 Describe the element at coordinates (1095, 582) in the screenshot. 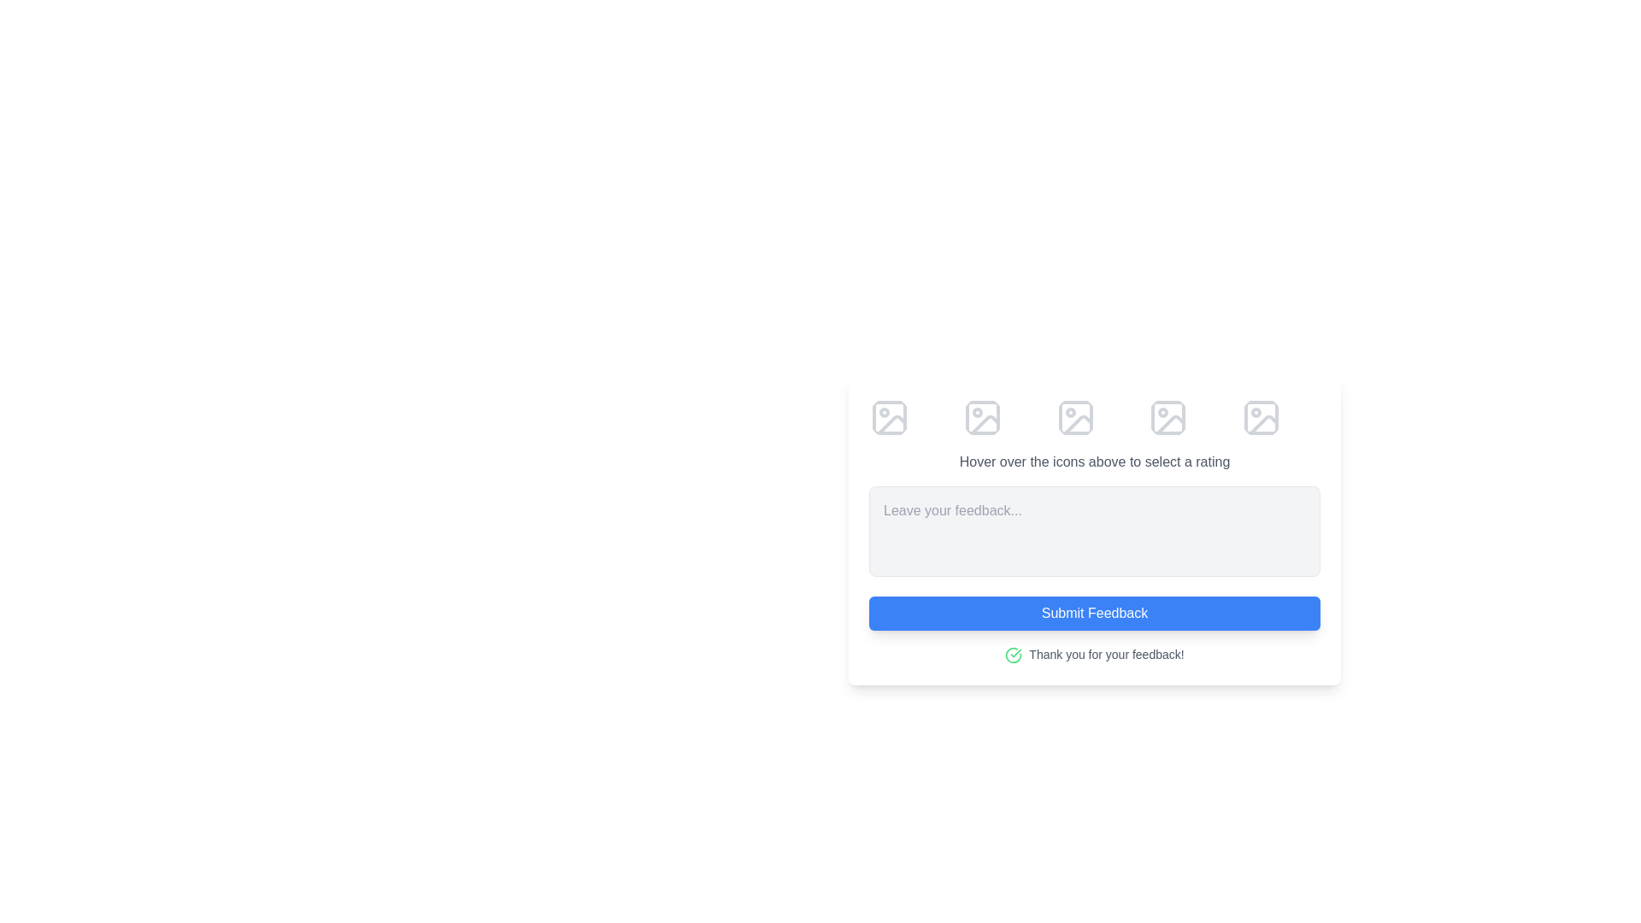

I see `the blue button with rounded corners labeled 'Submit Feedback'` at that location.